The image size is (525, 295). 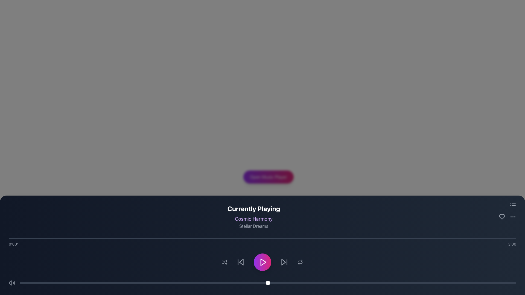 I want to click on the heart-shaped icon button located in the top right corner of the media player to mark or unmark it as a favorite, so click(x=502, y=217).